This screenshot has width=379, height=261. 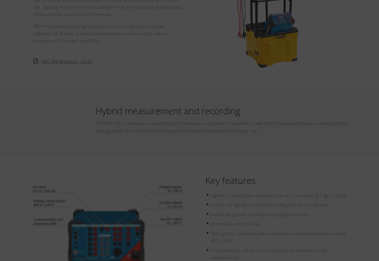 What do you see at coordinates (59, 61) in the screenshot?
I see `'CMC 430 Brochure'` at bounding box center [59, 61].